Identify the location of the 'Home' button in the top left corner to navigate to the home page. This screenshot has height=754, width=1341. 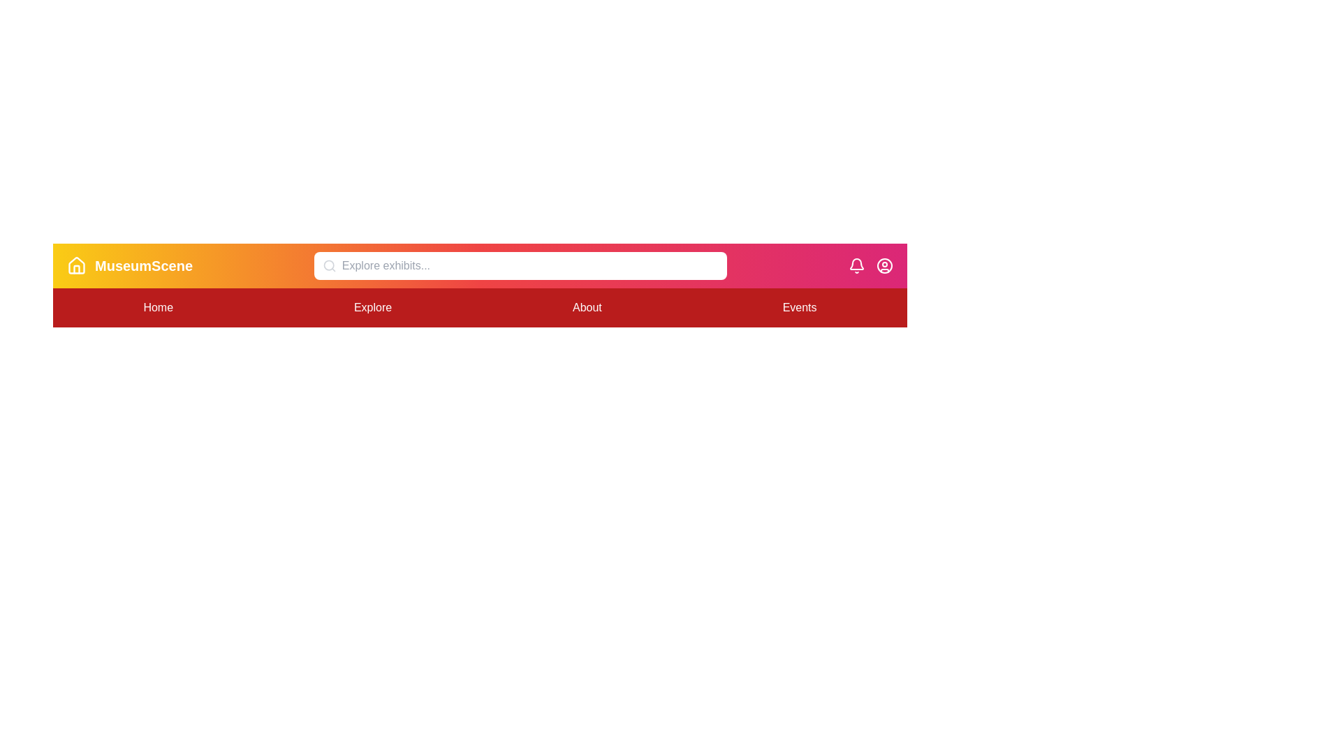
(158, 306).